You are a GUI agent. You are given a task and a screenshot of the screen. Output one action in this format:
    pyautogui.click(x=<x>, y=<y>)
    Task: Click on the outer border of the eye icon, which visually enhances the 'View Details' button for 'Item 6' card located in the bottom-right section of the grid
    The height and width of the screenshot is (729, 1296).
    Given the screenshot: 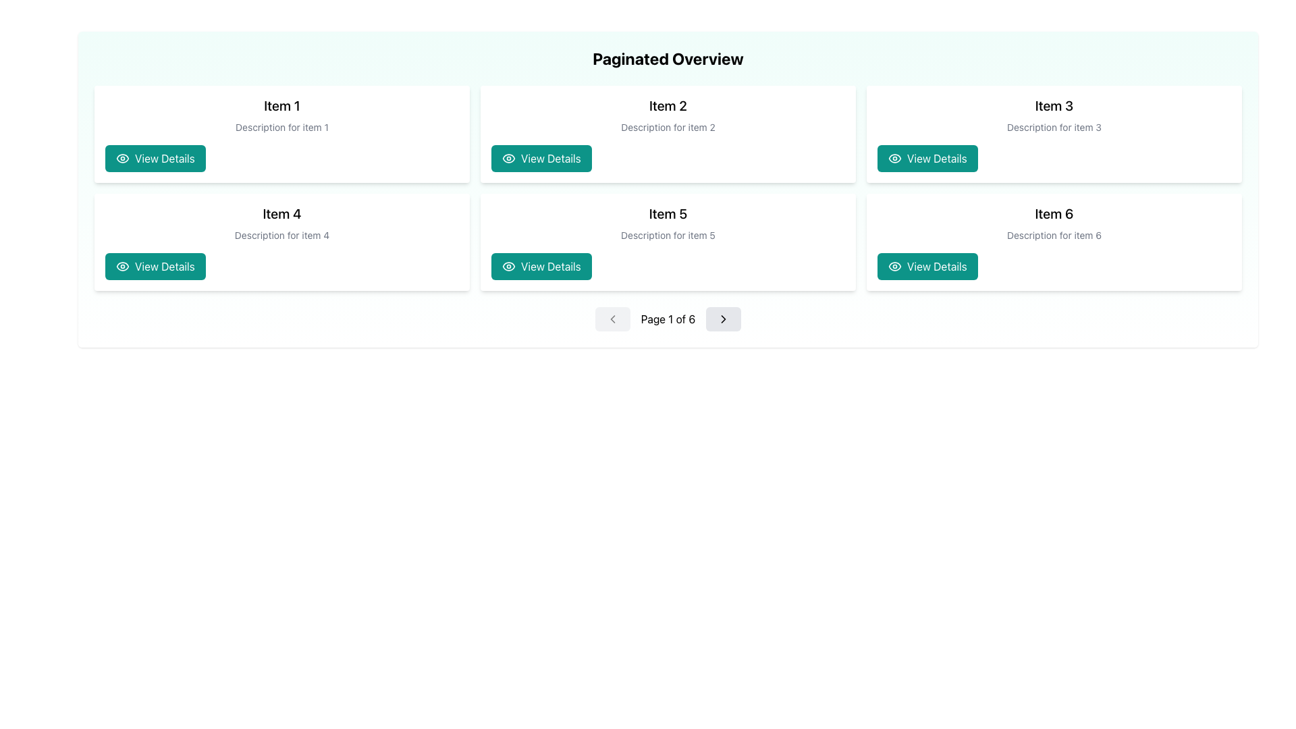 What is the action you would take?
    pyautogui.click(x=894, y=266)
    